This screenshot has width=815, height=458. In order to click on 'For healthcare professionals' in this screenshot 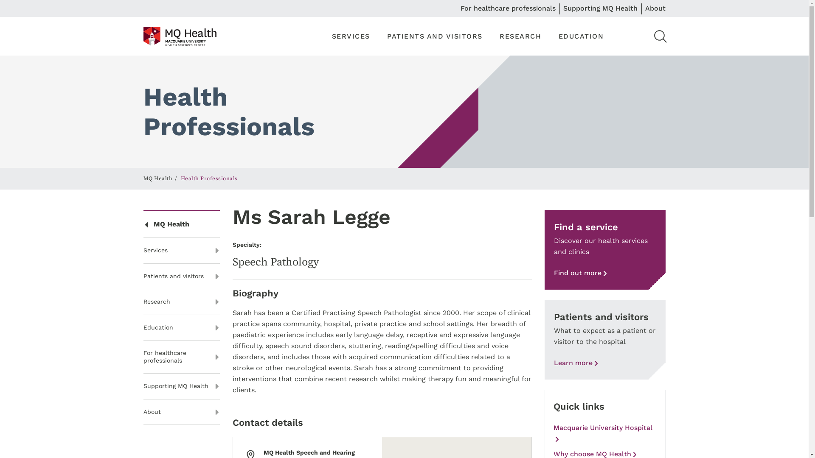, I will do `click(507, 8)`.